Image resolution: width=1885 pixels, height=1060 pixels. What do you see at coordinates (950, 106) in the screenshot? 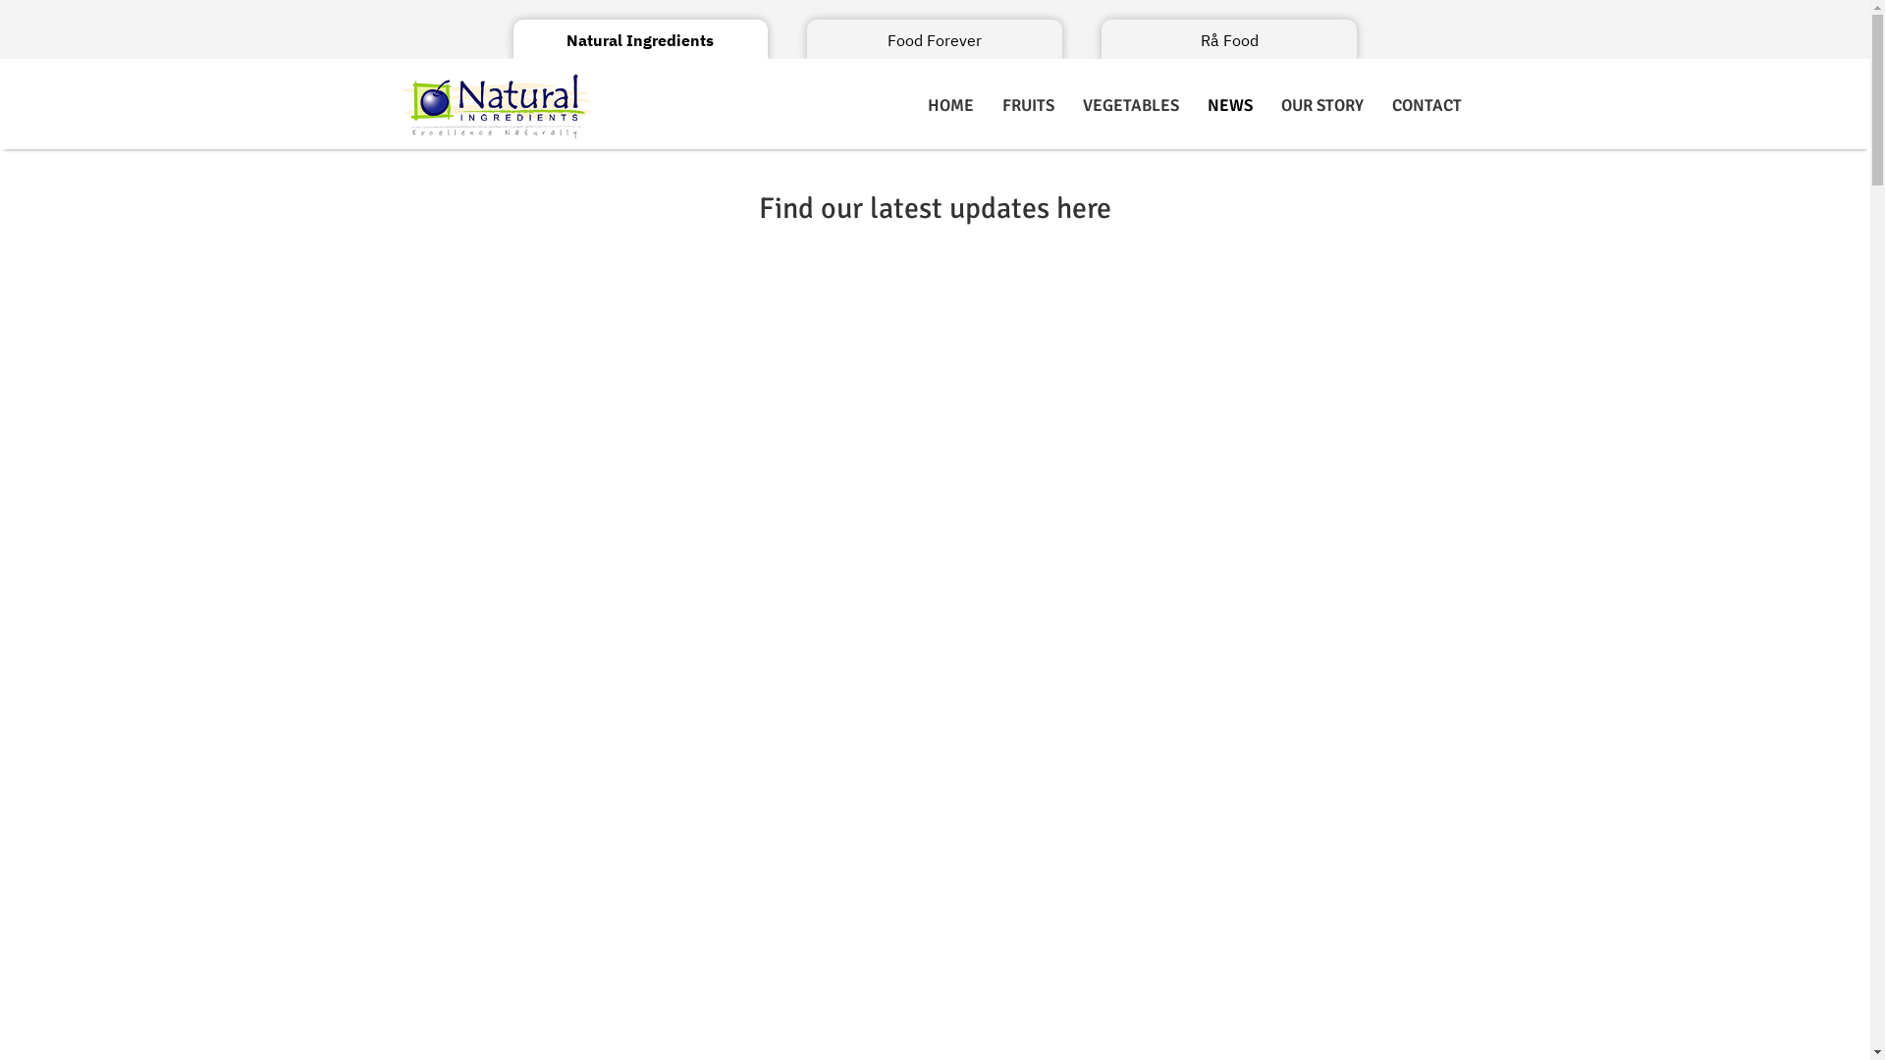
I see `'HOME'` at bounding box center [950, 106].